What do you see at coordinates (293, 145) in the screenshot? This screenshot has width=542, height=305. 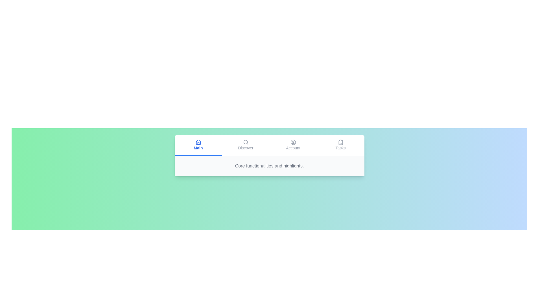 I see `the Account tab to switch to it` at bounding box center [293, 145].